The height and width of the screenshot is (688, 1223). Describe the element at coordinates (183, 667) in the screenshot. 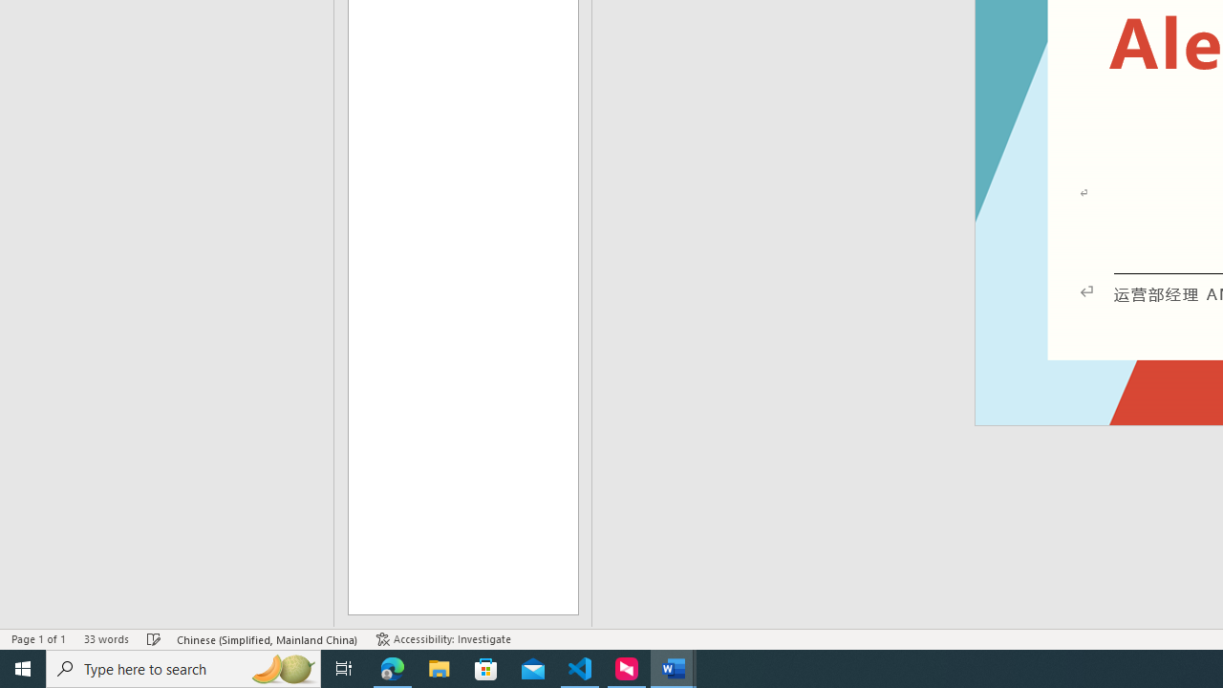

I see `'Type here to search'` at that location.